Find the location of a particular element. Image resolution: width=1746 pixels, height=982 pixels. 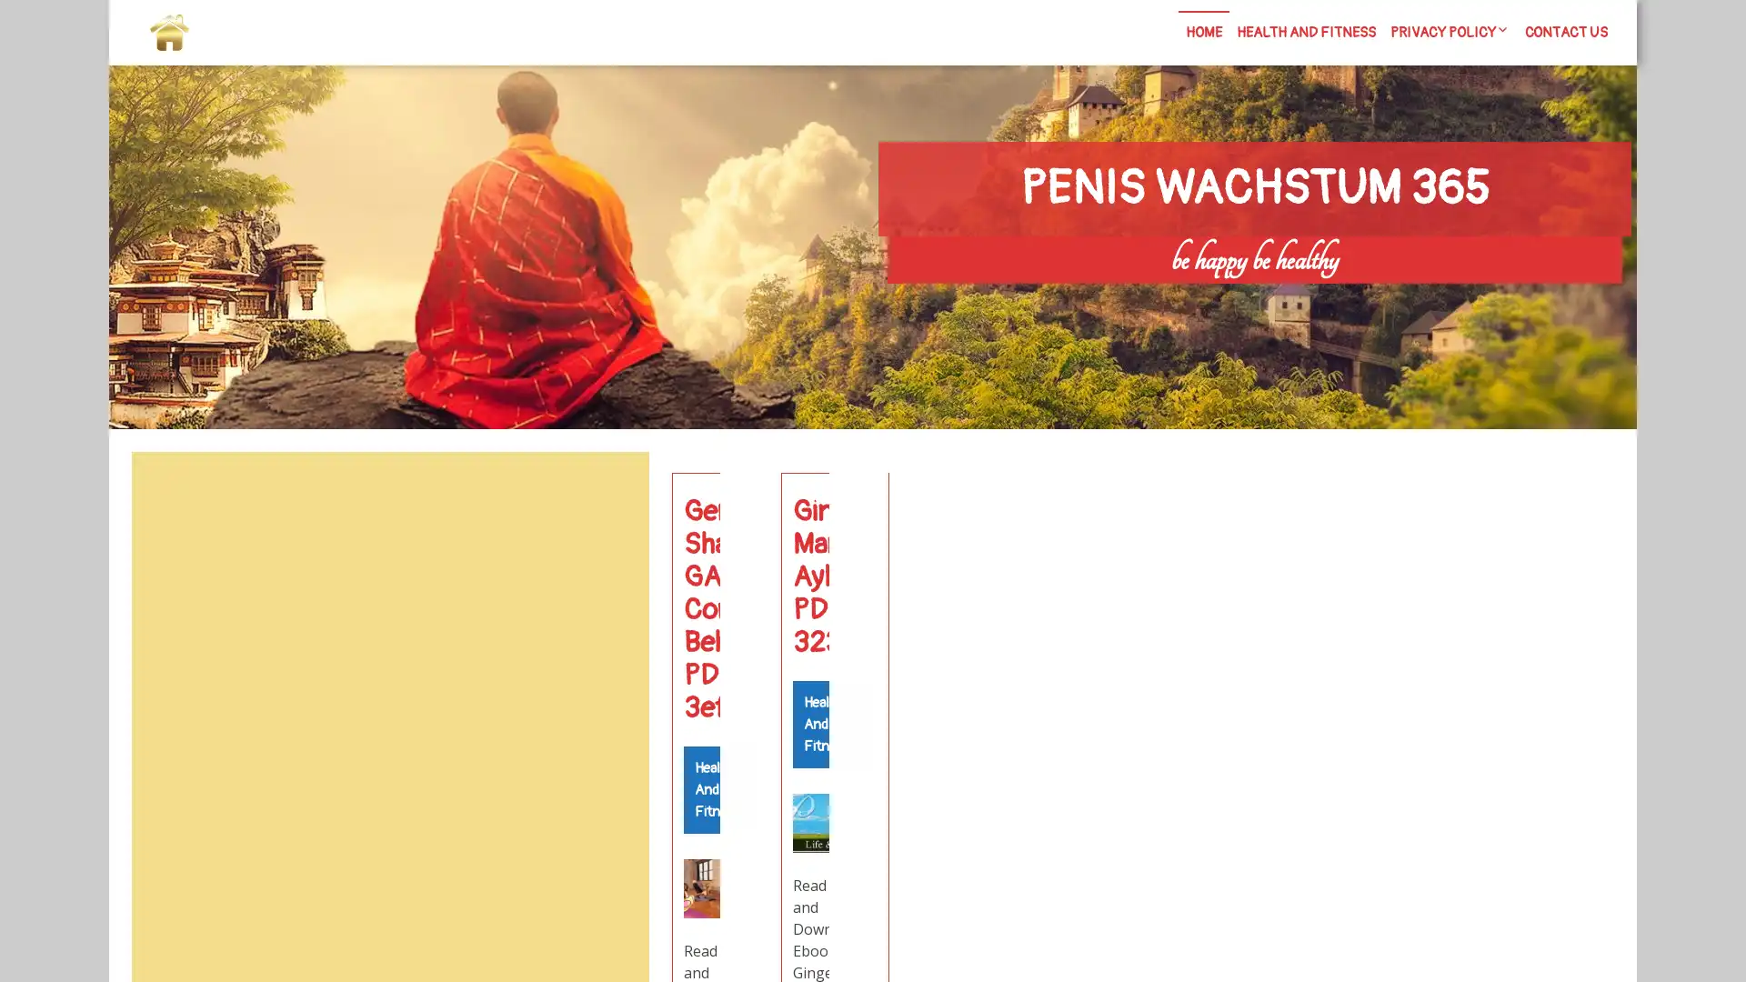

Search is located at coordinates (607, 496).